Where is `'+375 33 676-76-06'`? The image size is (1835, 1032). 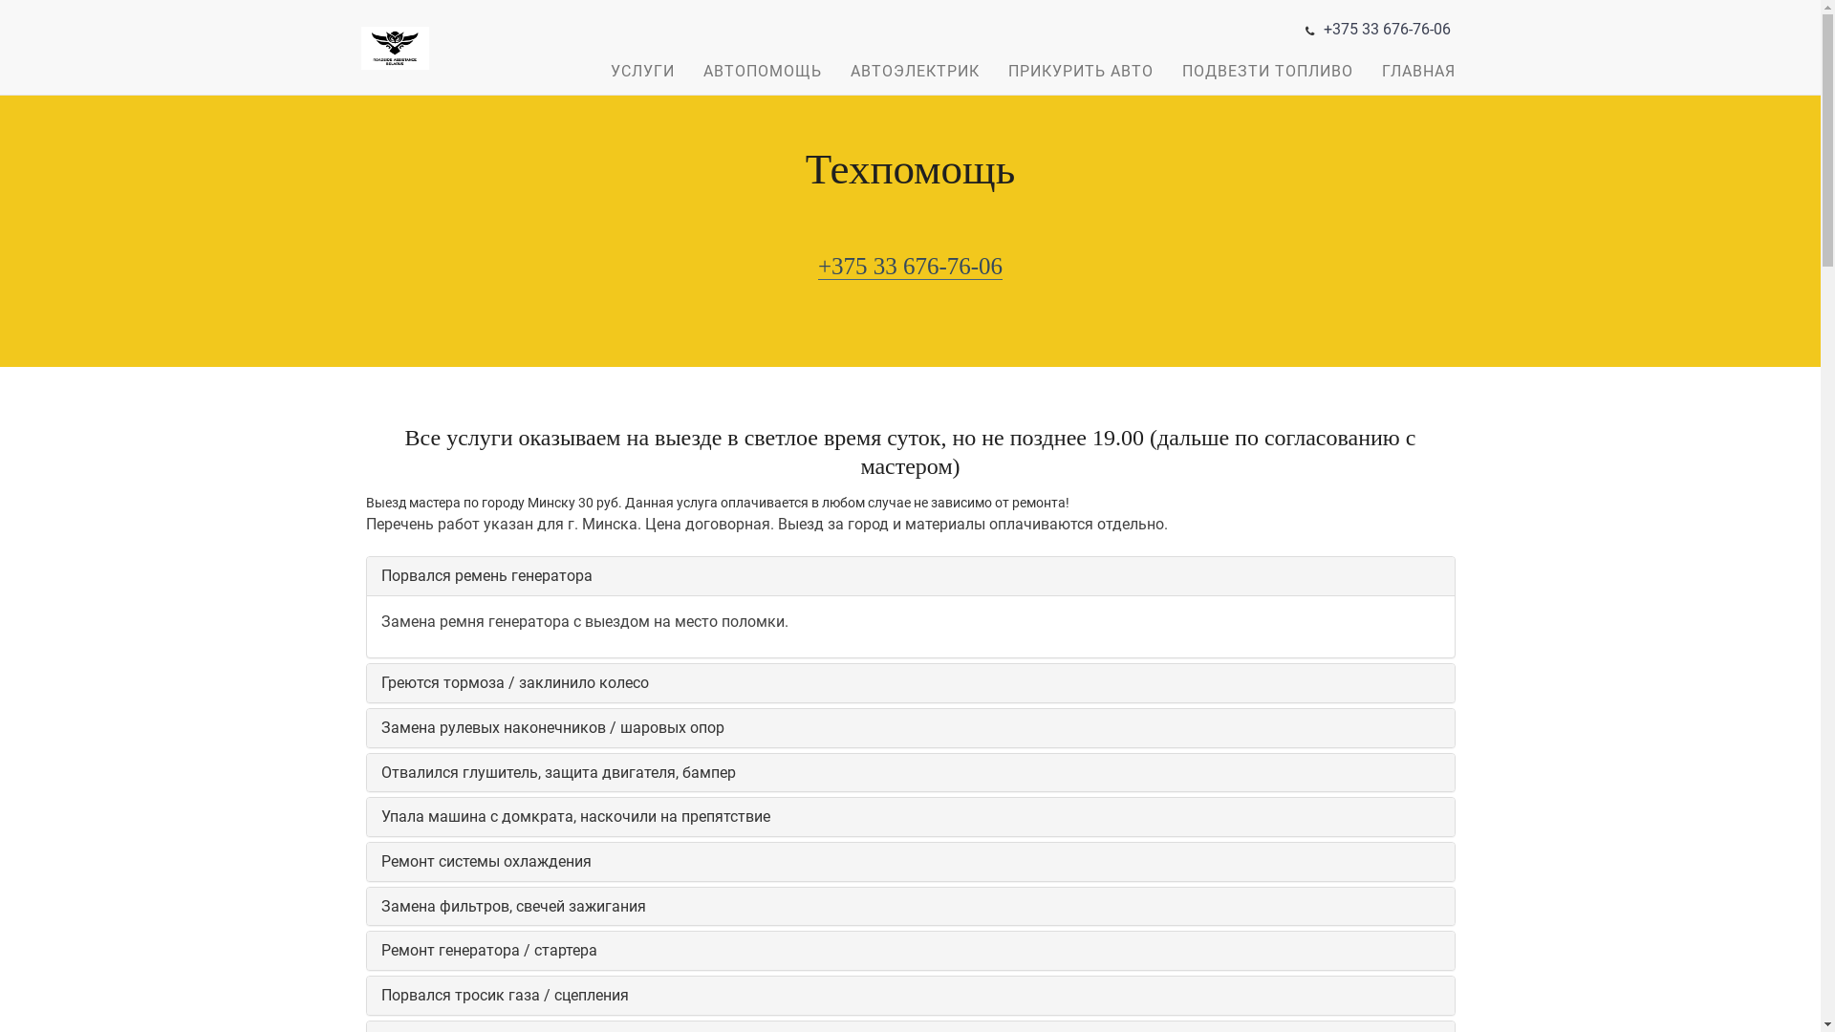
'+375 33 676-76-06' is located at coordinates (1386, 29).